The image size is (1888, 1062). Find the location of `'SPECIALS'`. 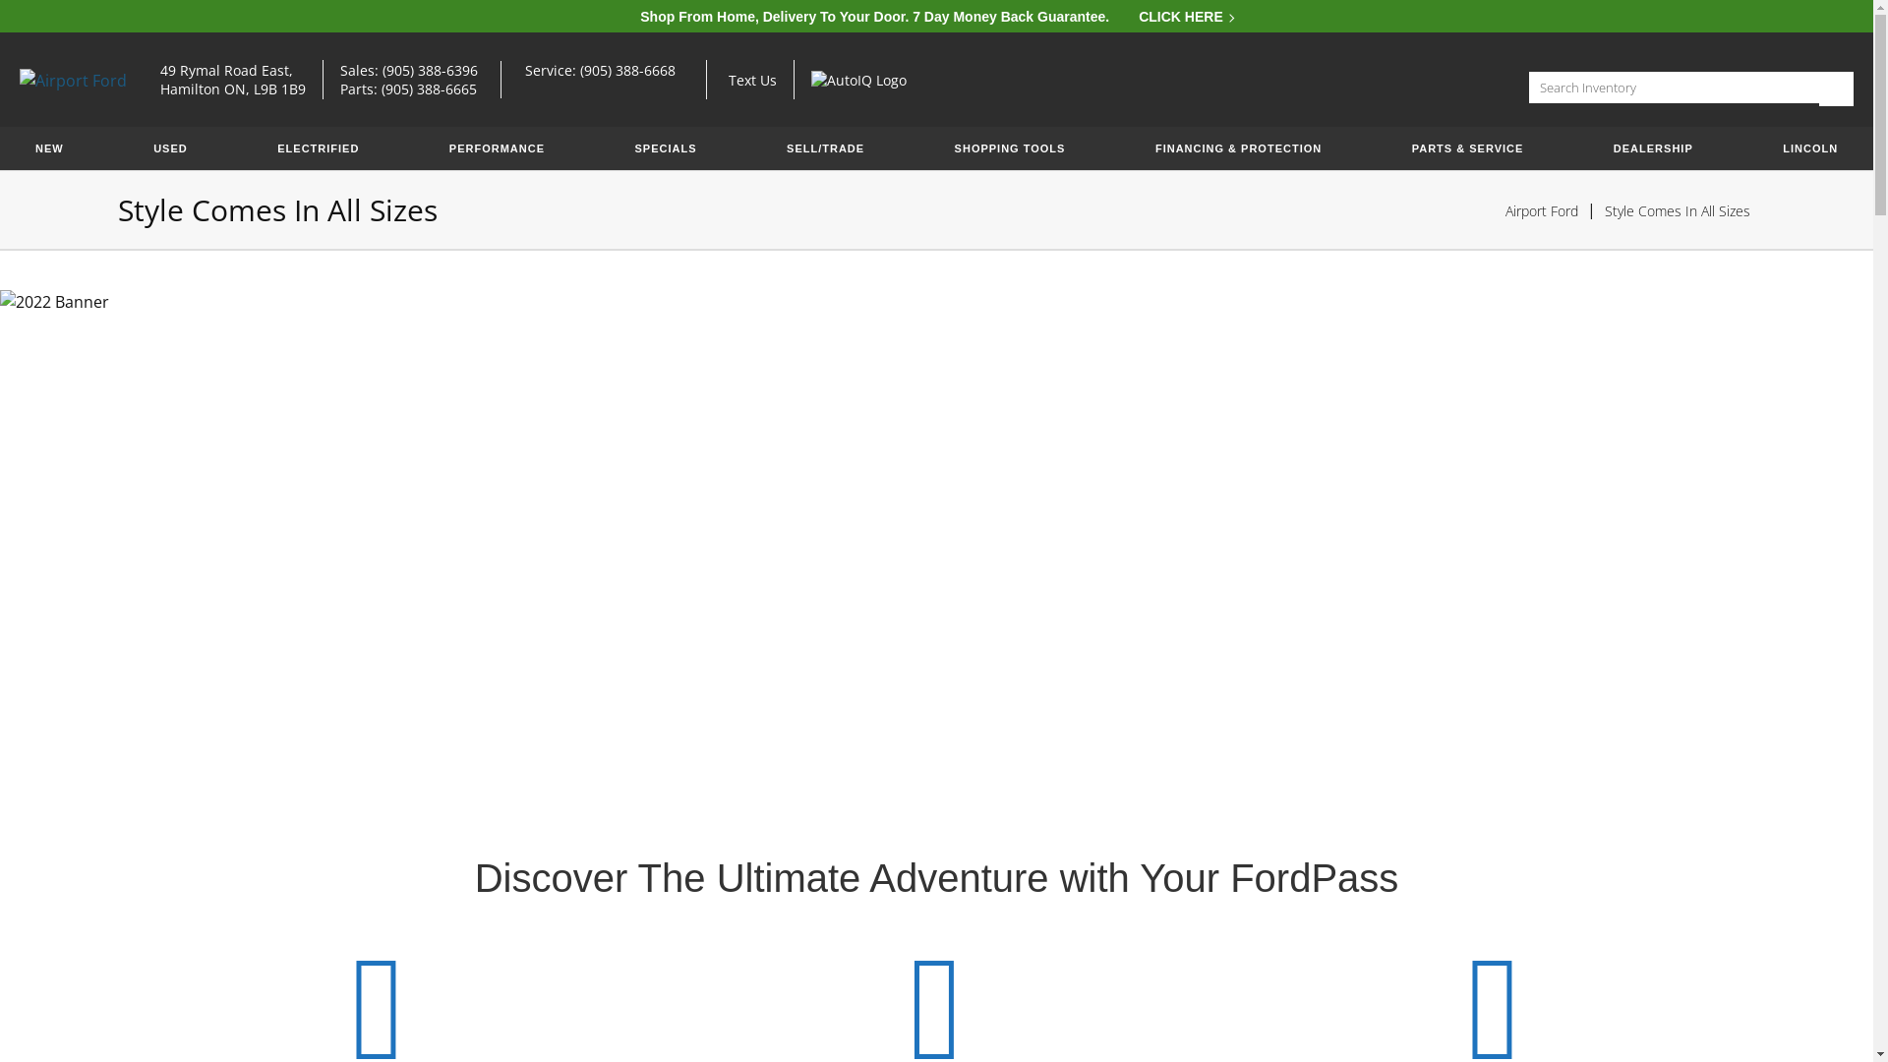

'SPECIALS' is located at coordinates (666, 147).